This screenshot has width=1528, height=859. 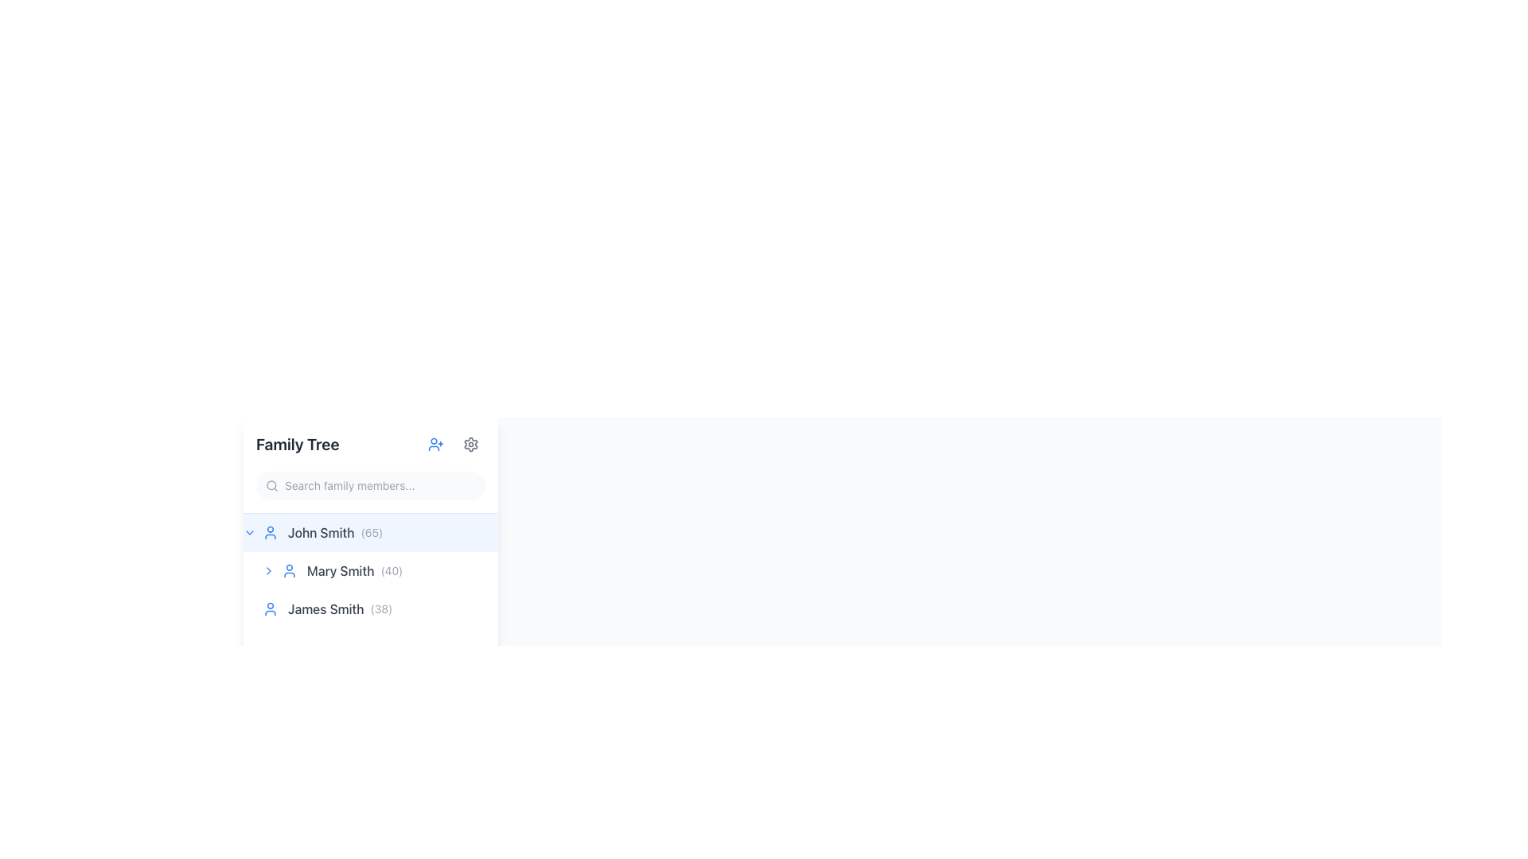 I want to click on the settings icon button located near the upper right corner of the interface, adjacent to the 'Family Tree' header, so click(x=470, y=445).